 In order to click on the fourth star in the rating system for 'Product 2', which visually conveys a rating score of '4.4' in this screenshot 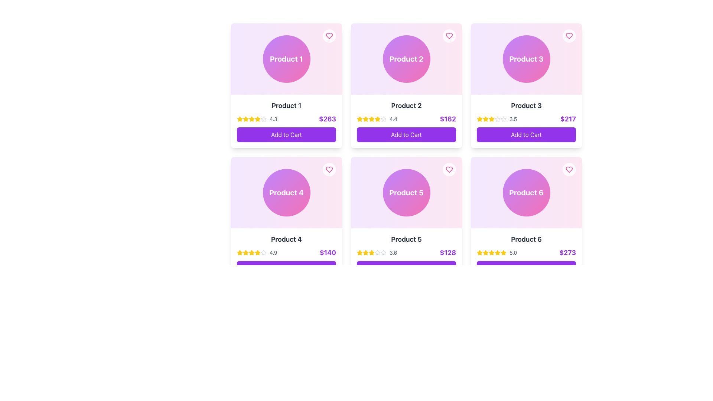, I will do `click(372, 118)`.